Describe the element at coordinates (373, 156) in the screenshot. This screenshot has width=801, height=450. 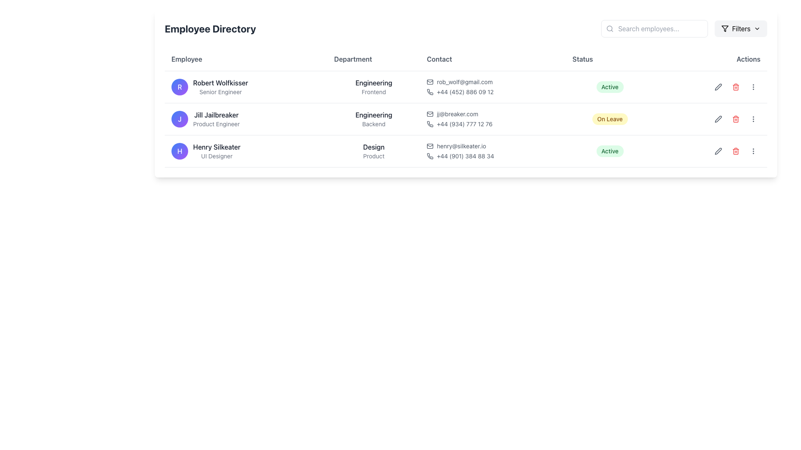
I see `the static text label 'Product' located in the row associated with 'Henry Silkeater' under the 'Department' column, directly beneath the 'Design' text` at that location.